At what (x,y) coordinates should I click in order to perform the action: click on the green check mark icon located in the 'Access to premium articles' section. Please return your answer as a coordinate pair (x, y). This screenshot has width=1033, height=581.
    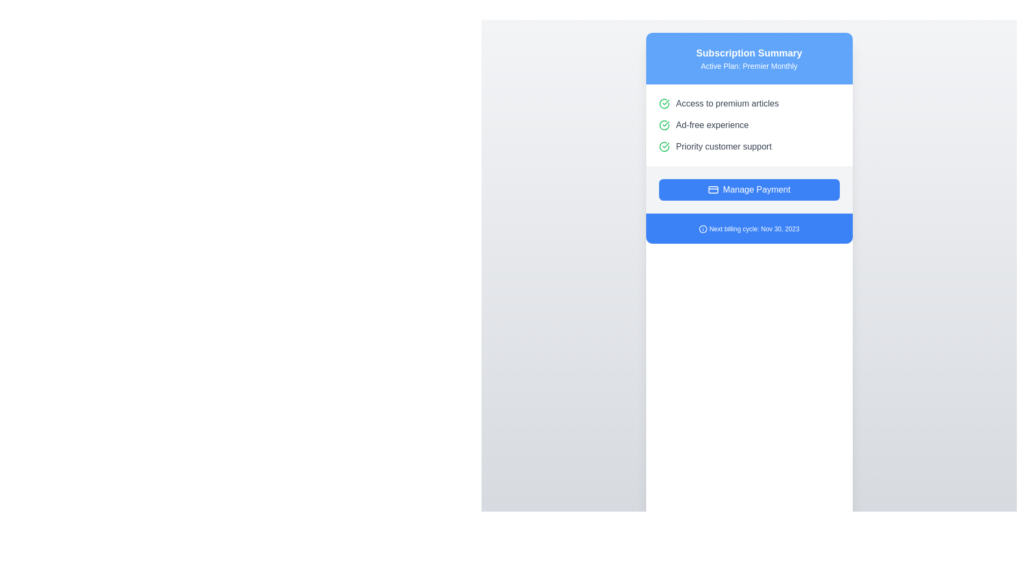
    Looking at the image, I should click on (663, 103).